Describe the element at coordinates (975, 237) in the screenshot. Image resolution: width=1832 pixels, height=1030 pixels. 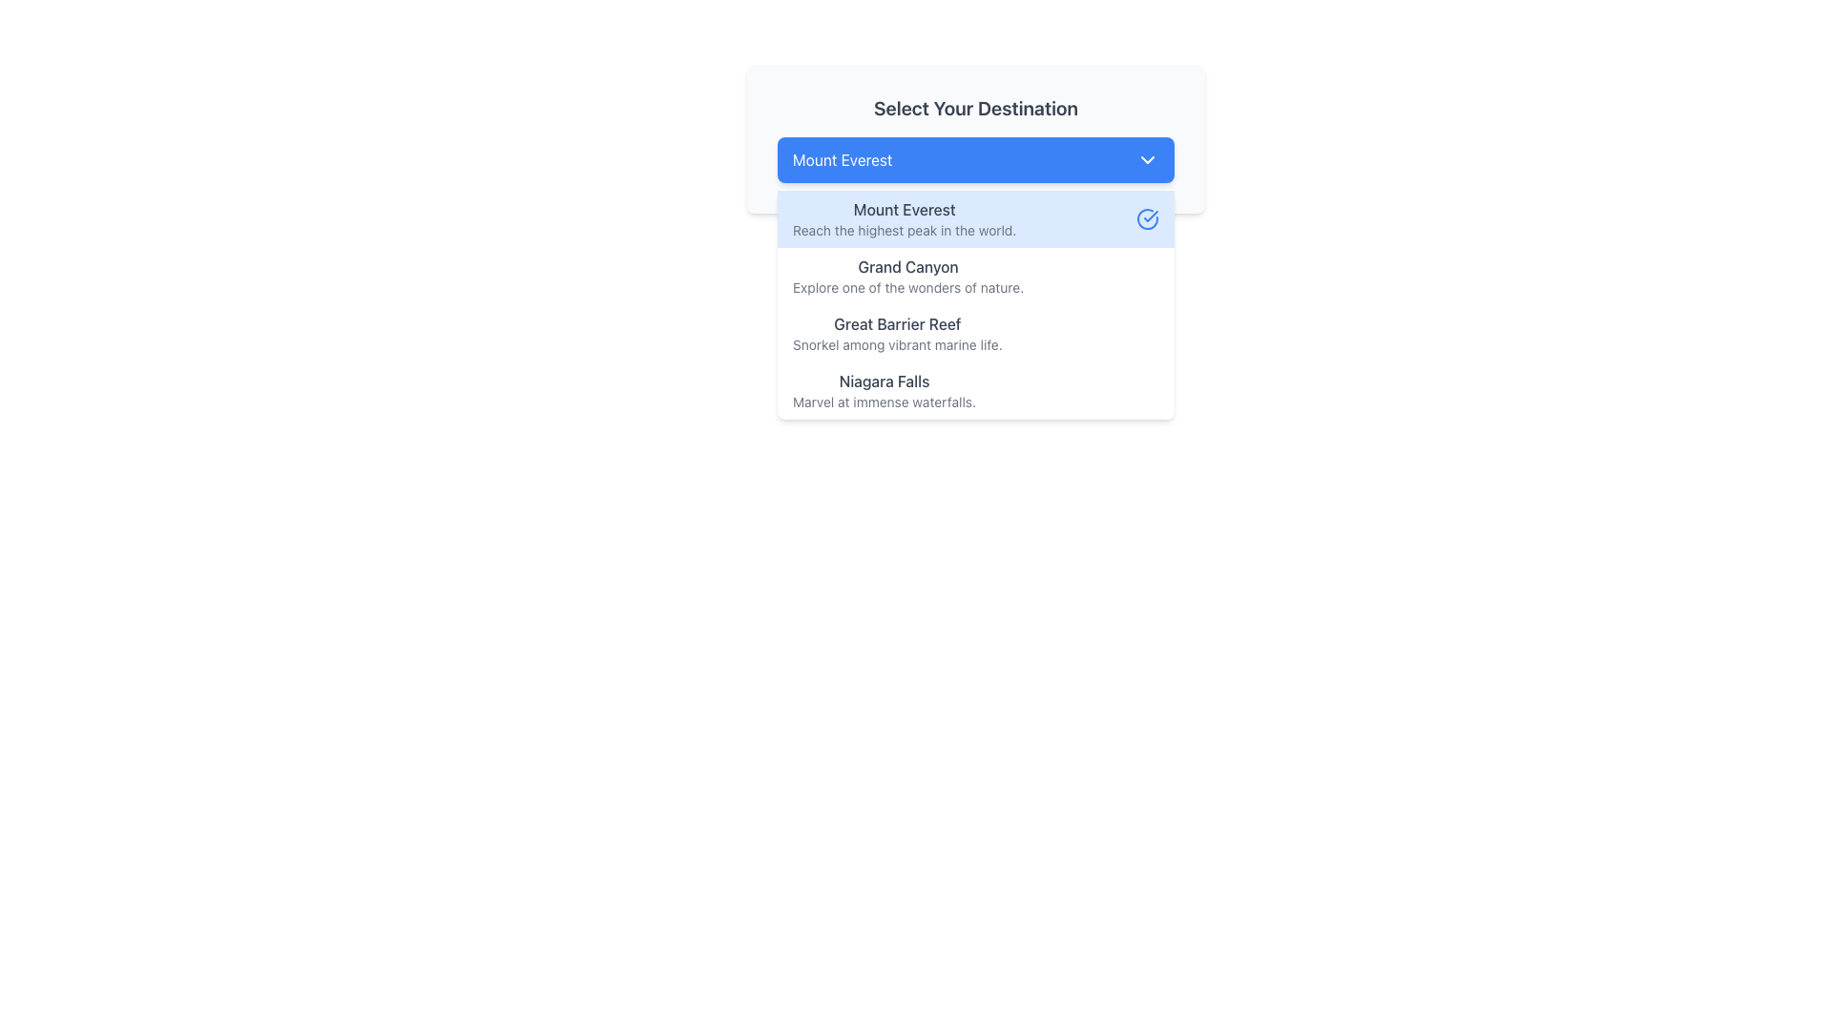
I see `the first item` at that location.